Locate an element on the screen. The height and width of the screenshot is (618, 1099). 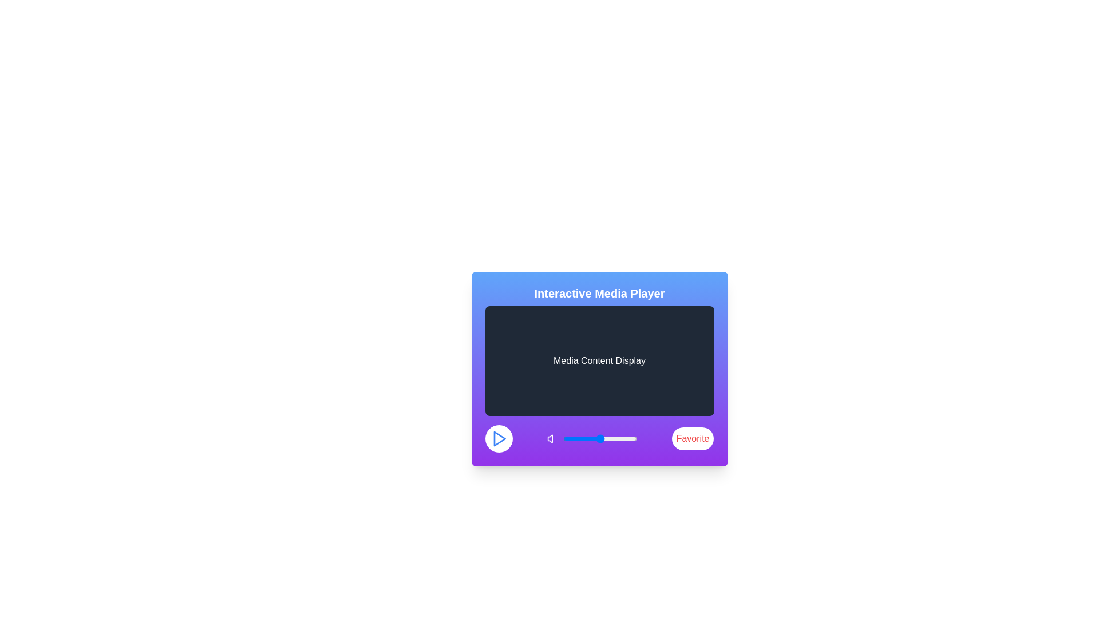
the slider is located at coordinates (592, 438).